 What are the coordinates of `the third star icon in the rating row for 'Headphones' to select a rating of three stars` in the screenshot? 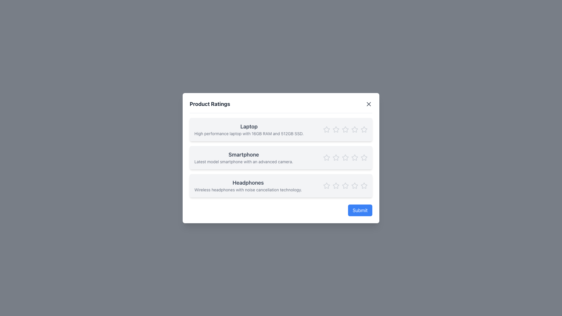 It's located at (354, 186).